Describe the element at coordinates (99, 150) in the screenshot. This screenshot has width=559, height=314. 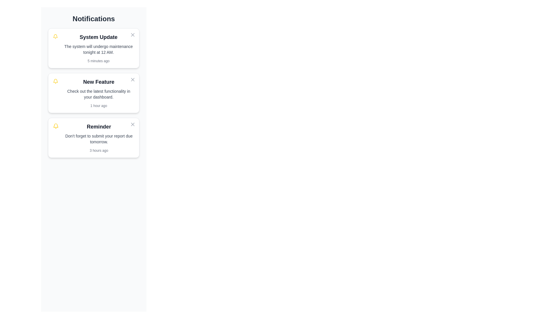
I see `the static text label displaying '3 hours ago' located at the bottom of the 'Reminder' notification card` at that location.